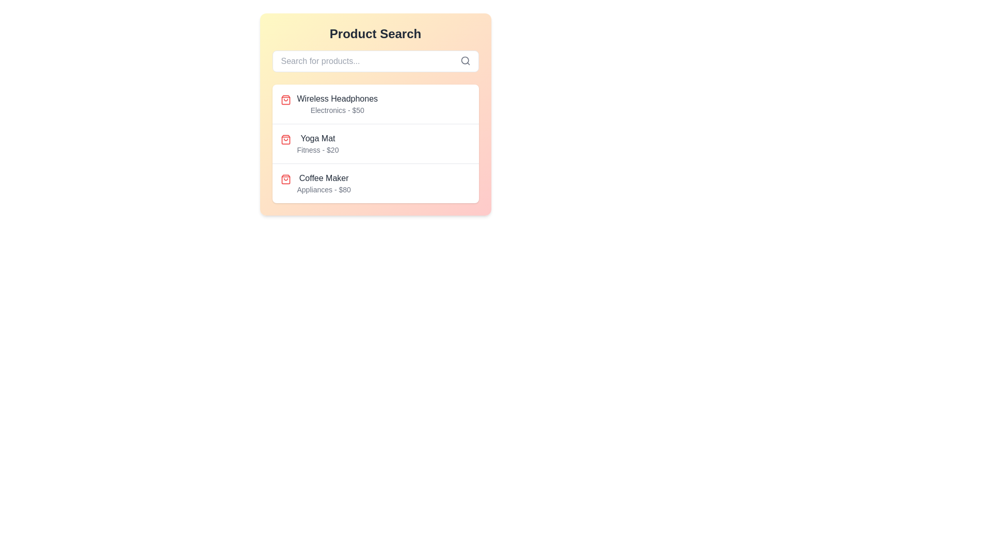 The width and height of the screenshot is (991, 557). Describe the element at coordinates (317, 138) in the screenshot. I see `the text label that identifies the product 'Yoga Mat' in the product list under 'Product Search.'` at that location.